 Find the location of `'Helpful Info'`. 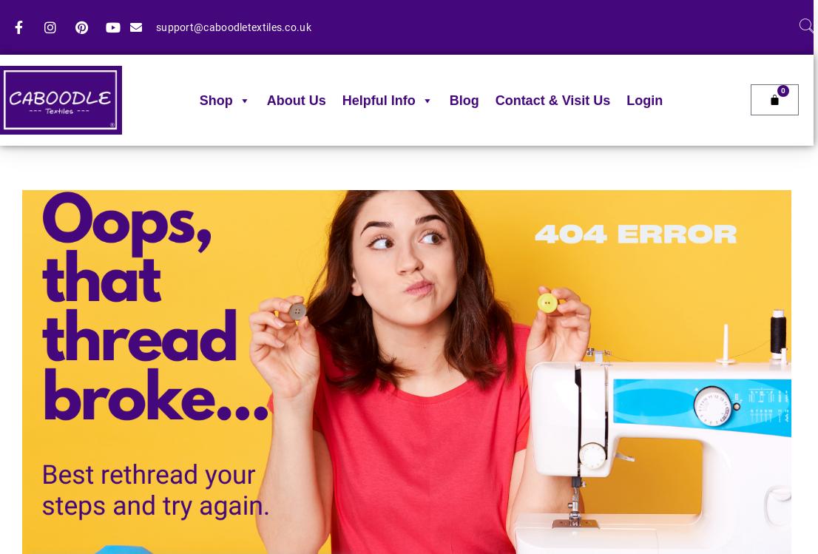

'Helpful Info' is located at coordinates (340, 101).